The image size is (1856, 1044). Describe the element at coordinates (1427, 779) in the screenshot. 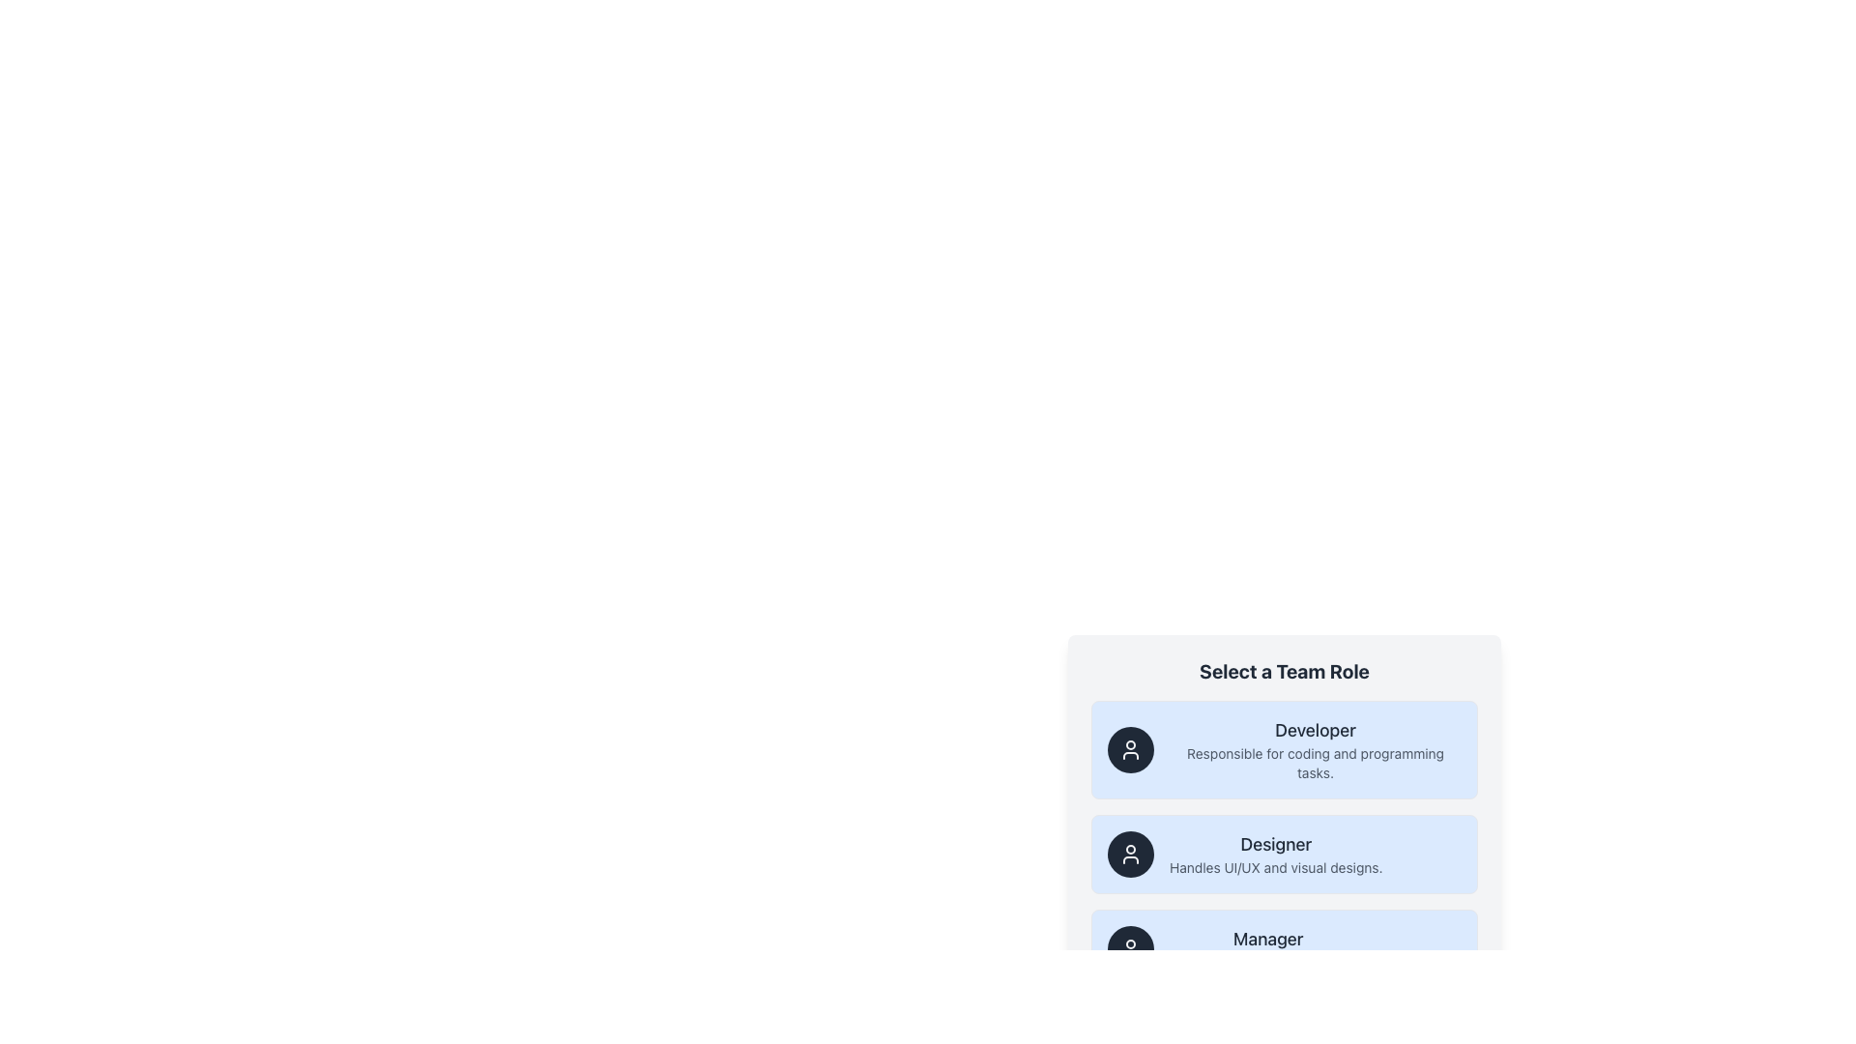

I see `the selectable list item labeled 'Developer' with a light blue background` at that location.